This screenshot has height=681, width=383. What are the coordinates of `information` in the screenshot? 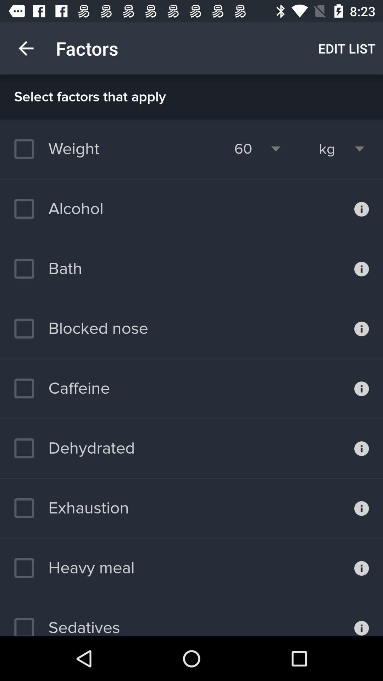 It's located at (361, 568).